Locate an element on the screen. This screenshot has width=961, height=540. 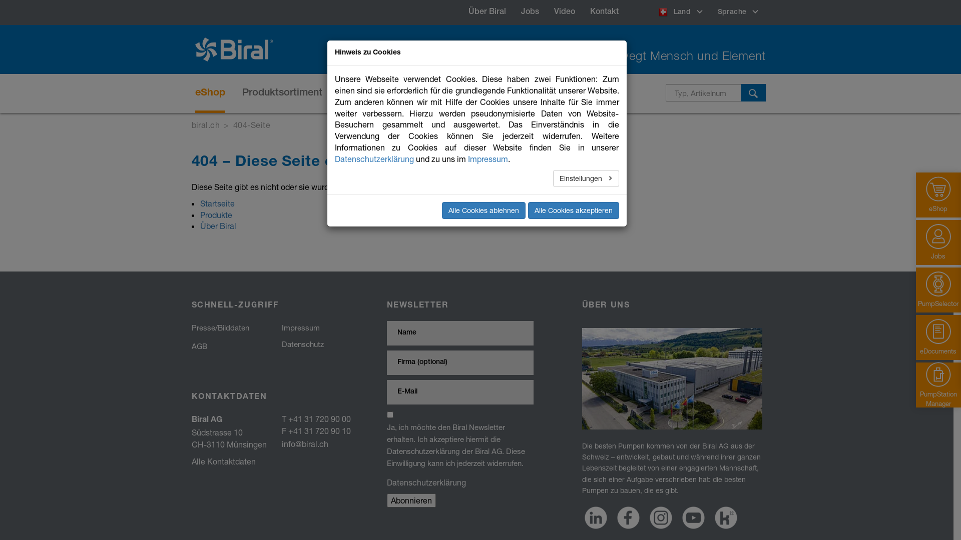
'404-Seite' is located at coordinates (252, 124).